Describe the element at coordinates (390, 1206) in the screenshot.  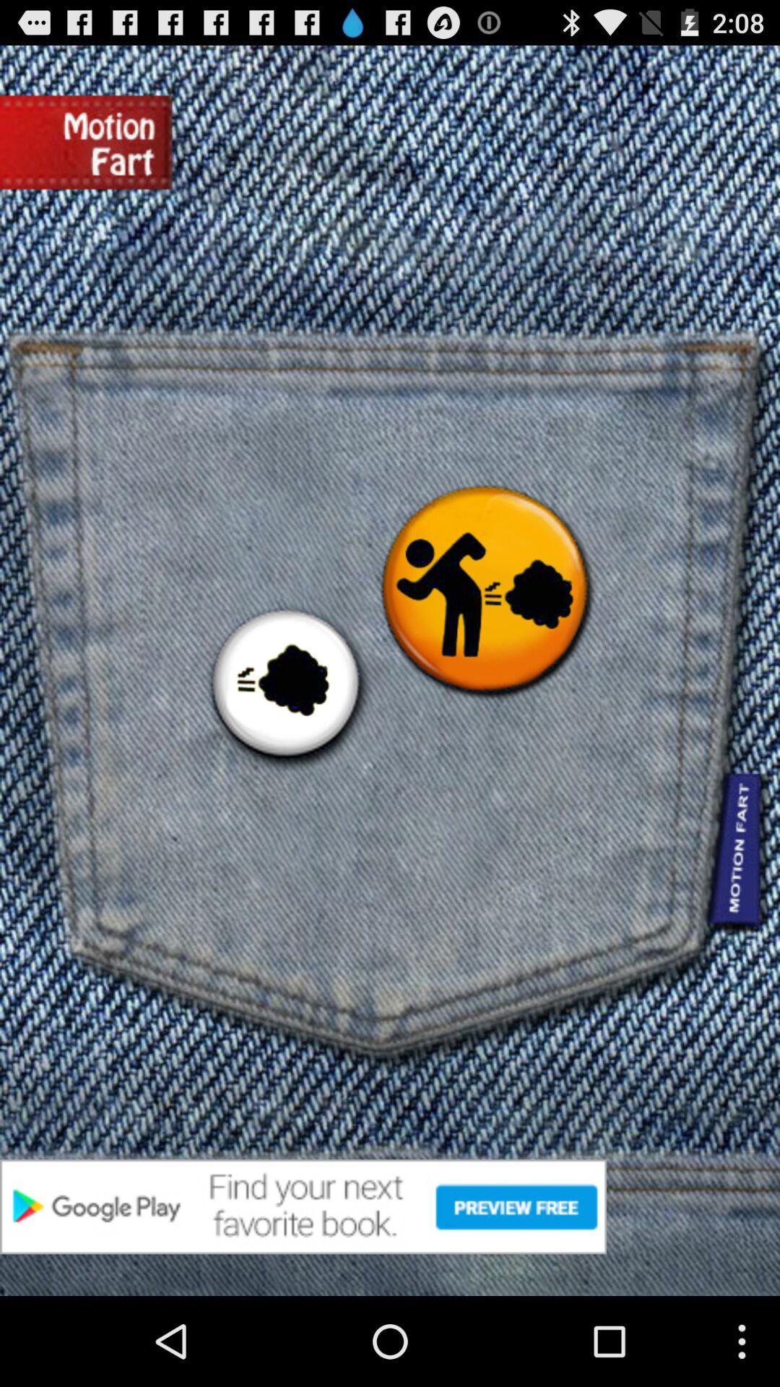
I see `advertisement click` at that location.